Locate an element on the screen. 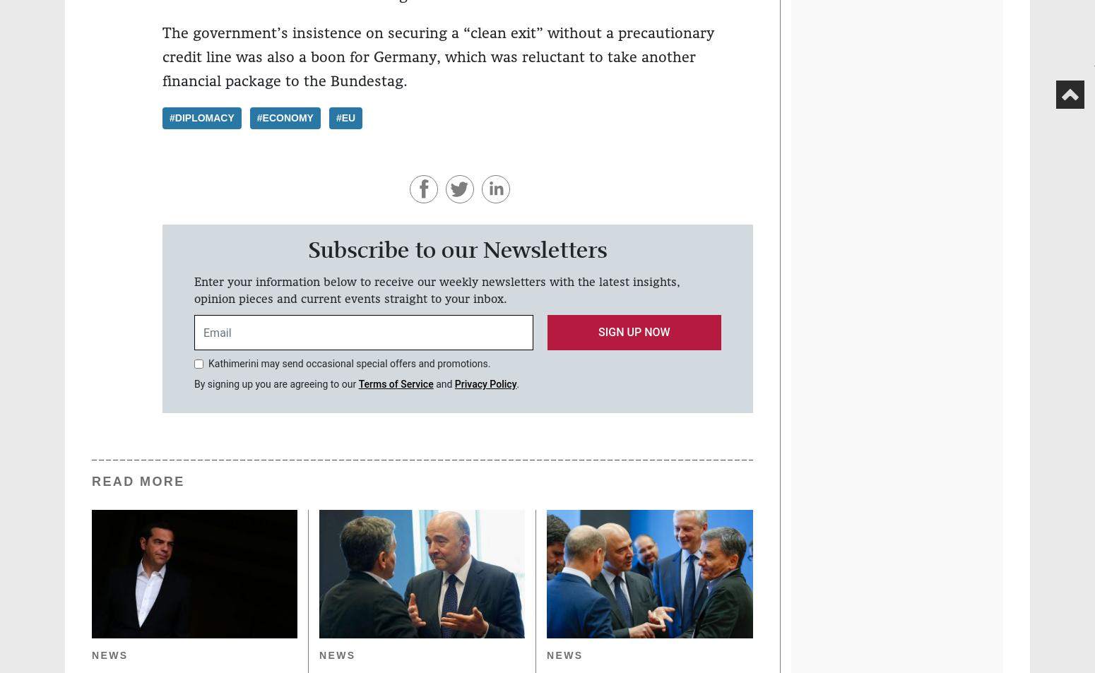 The image size is (1095, 673). 'Diplomacy' is located at coordinates (204, 117).